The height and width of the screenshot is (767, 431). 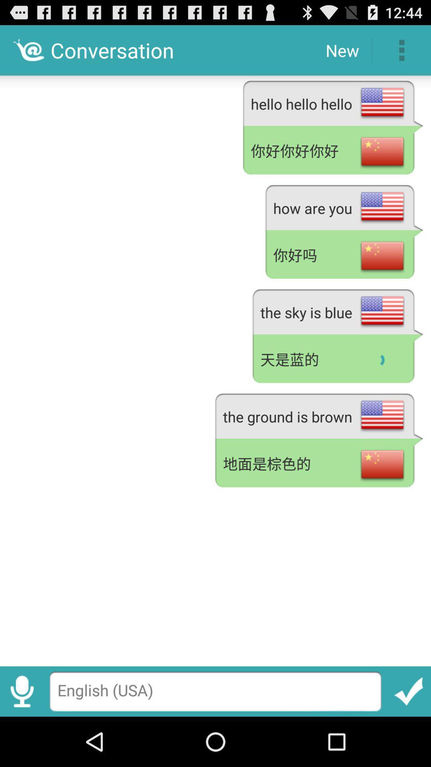 I want to click on send text, so click(x=409, y=691).